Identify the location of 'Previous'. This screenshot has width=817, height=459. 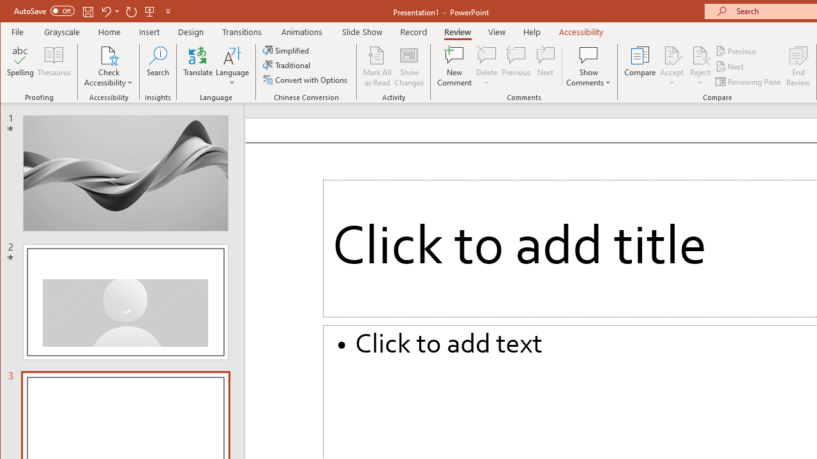
(737, 50).